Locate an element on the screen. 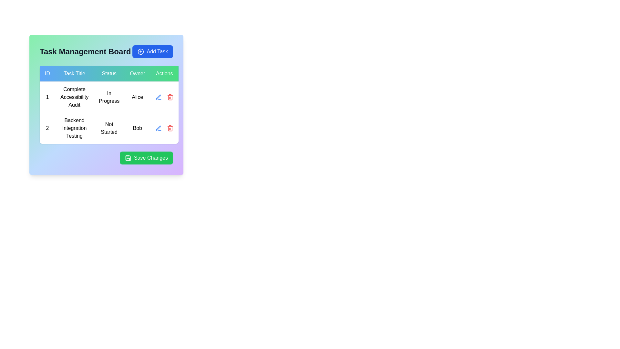 This screenshot has height=349, width=620. the blue pencil icon in the action icons group located in the 'Actions' cell of the first row of the task management table, adjacent to the 'Owner' cell containing 'Alice' is located at coordinates (164, 97).